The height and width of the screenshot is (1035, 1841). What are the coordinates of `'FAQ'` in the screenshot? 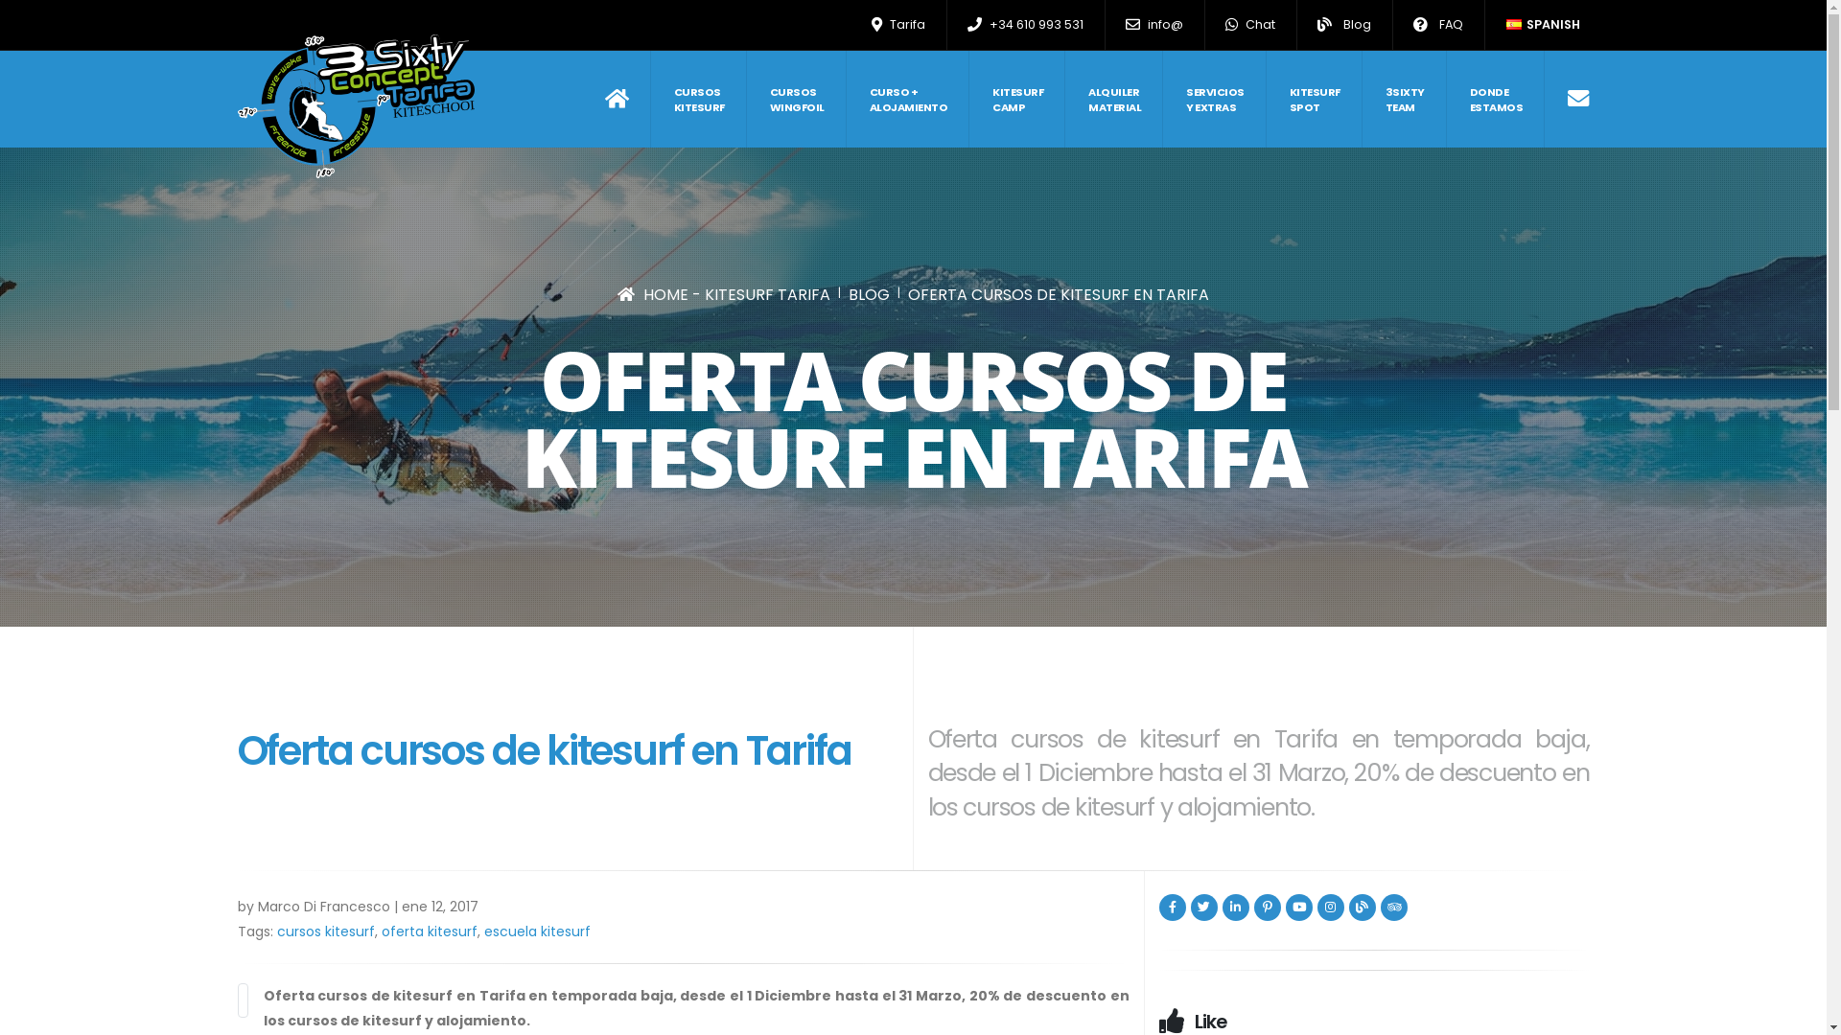 It's located at (1437, 25).